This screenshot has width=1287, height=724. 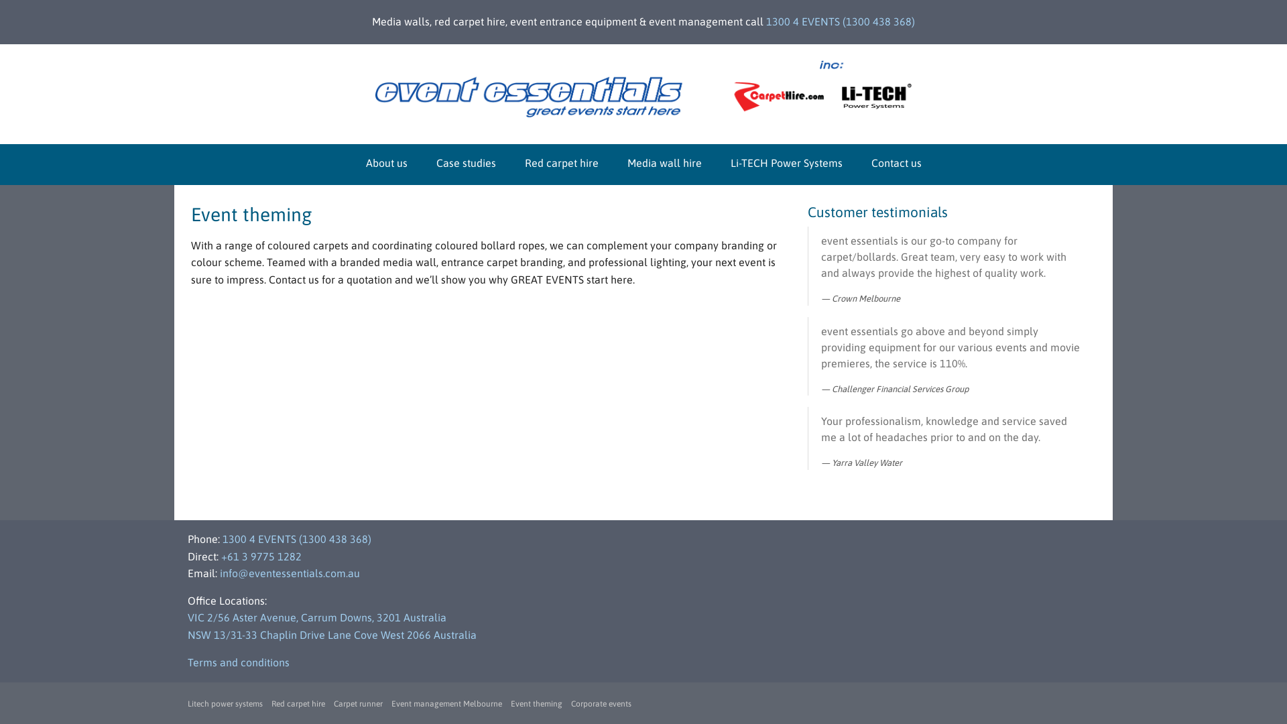 I want to click on 'Event management Melbourne', so click(x=391, y=703).